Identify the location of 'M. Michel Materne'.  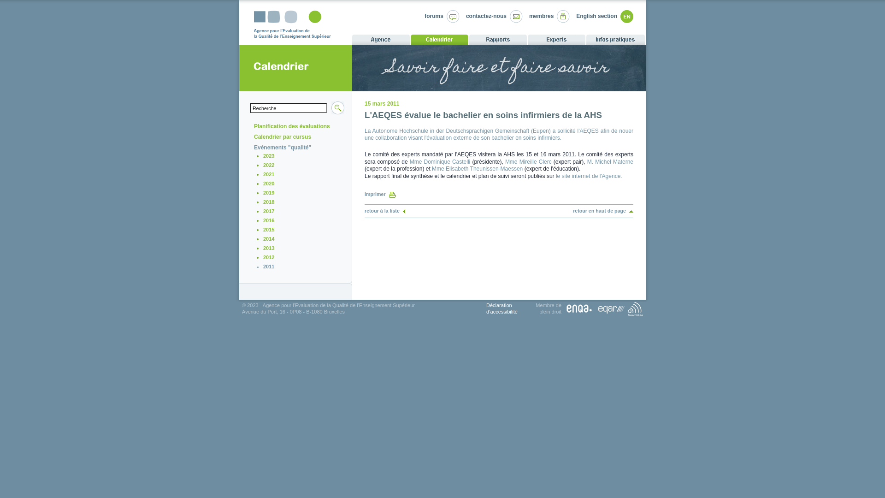
(586, 161).